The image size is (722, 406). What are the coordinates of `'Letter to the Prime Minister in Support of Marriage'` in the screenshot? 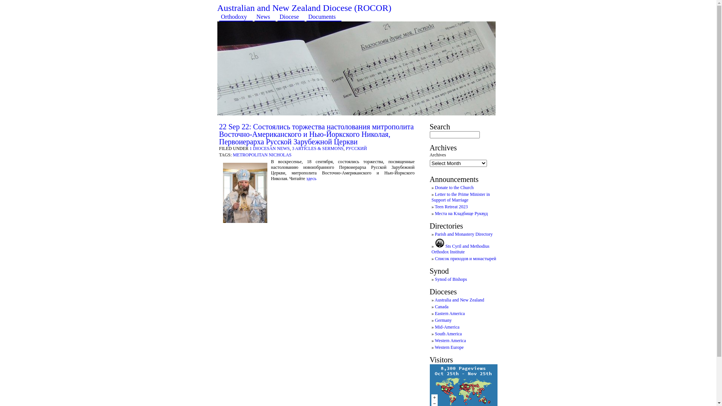 It's located at (460, 197).